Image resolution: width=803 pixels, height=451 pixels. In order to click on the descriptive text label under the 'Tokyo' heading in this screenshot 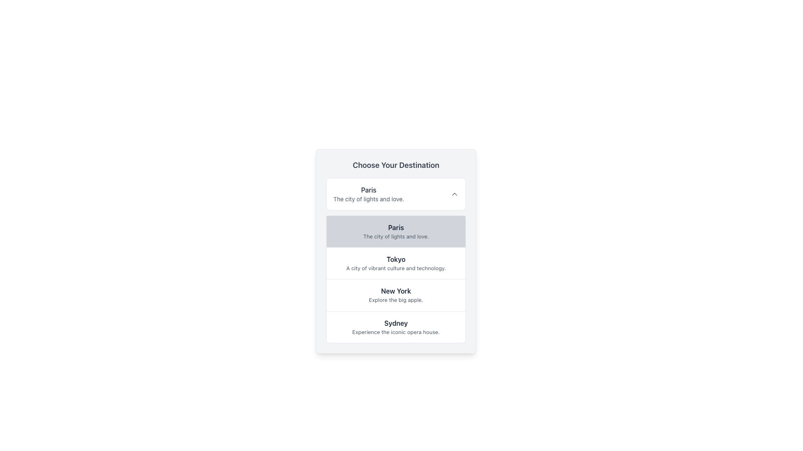, I will do `click(395, 268)`.